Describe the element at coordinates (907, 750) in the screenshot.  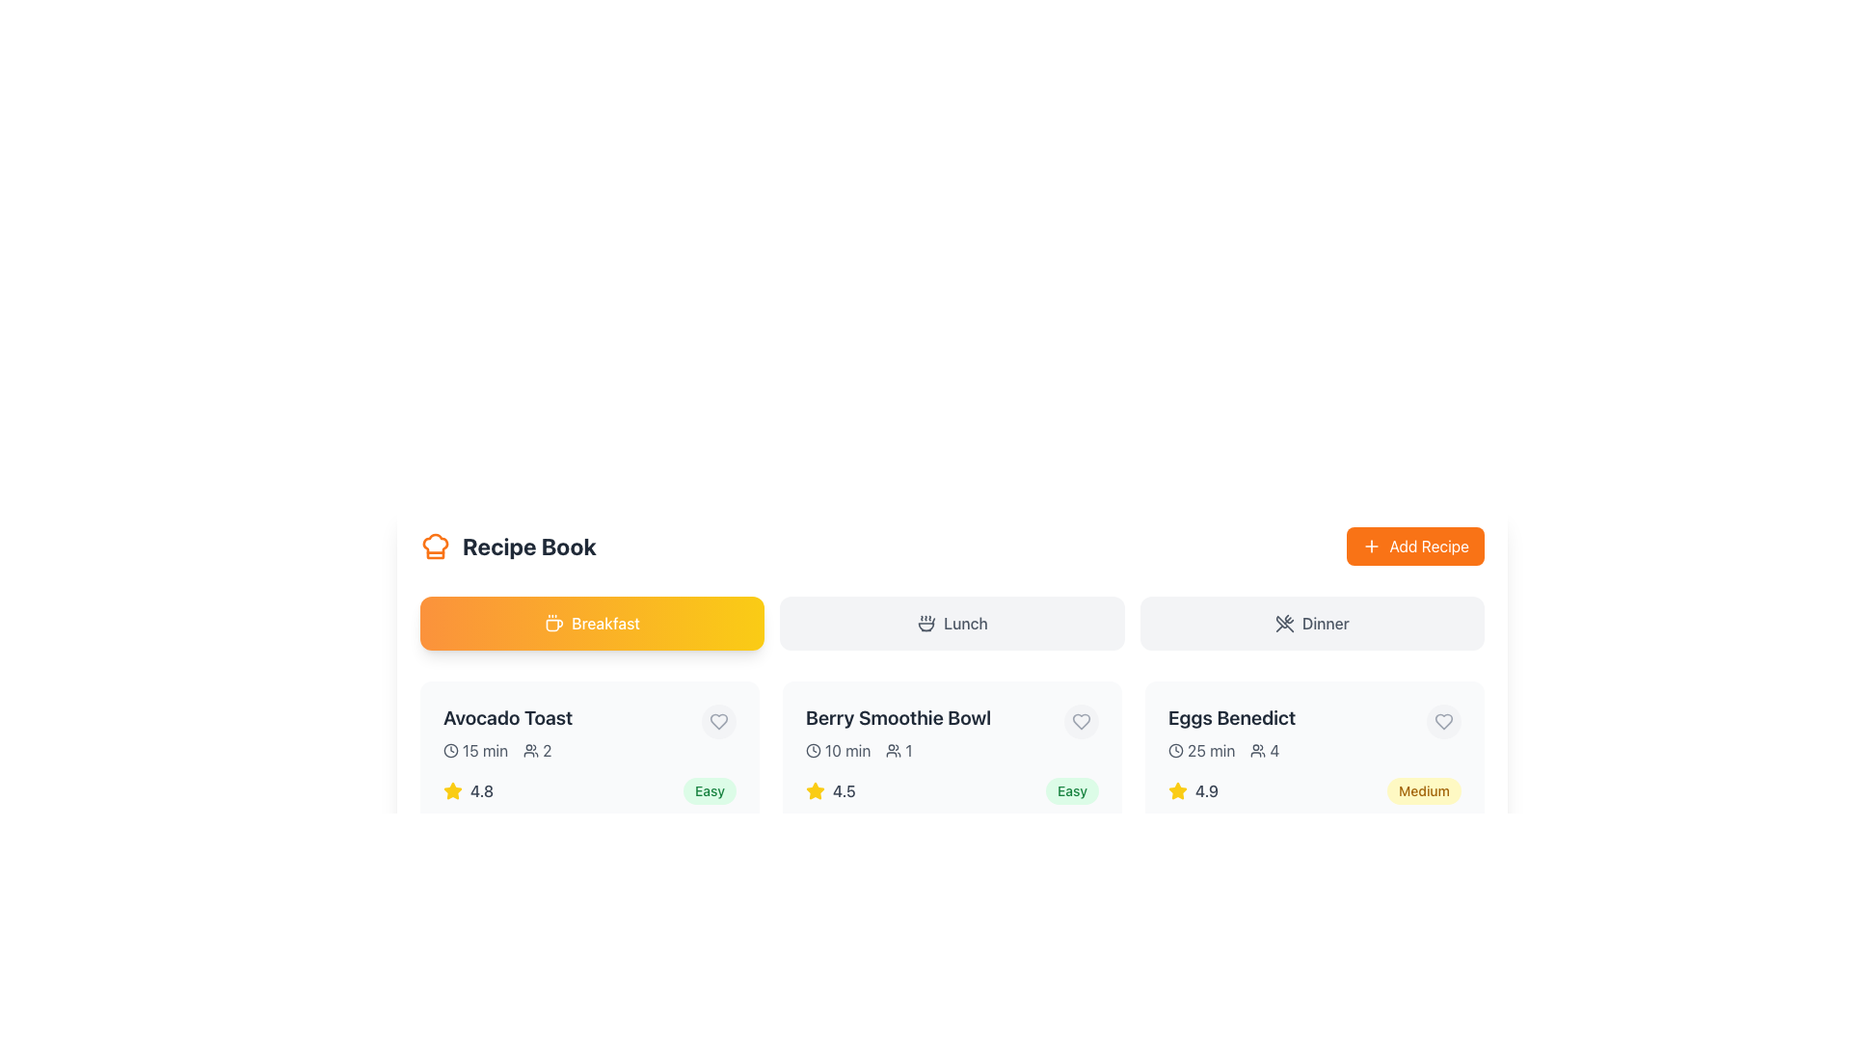
I see `the static text element displaying the number of participants for the 'Berry Smoothie Bowl' recipe, which is located immediately to the right of the user icon in the second recipe card` at that location.